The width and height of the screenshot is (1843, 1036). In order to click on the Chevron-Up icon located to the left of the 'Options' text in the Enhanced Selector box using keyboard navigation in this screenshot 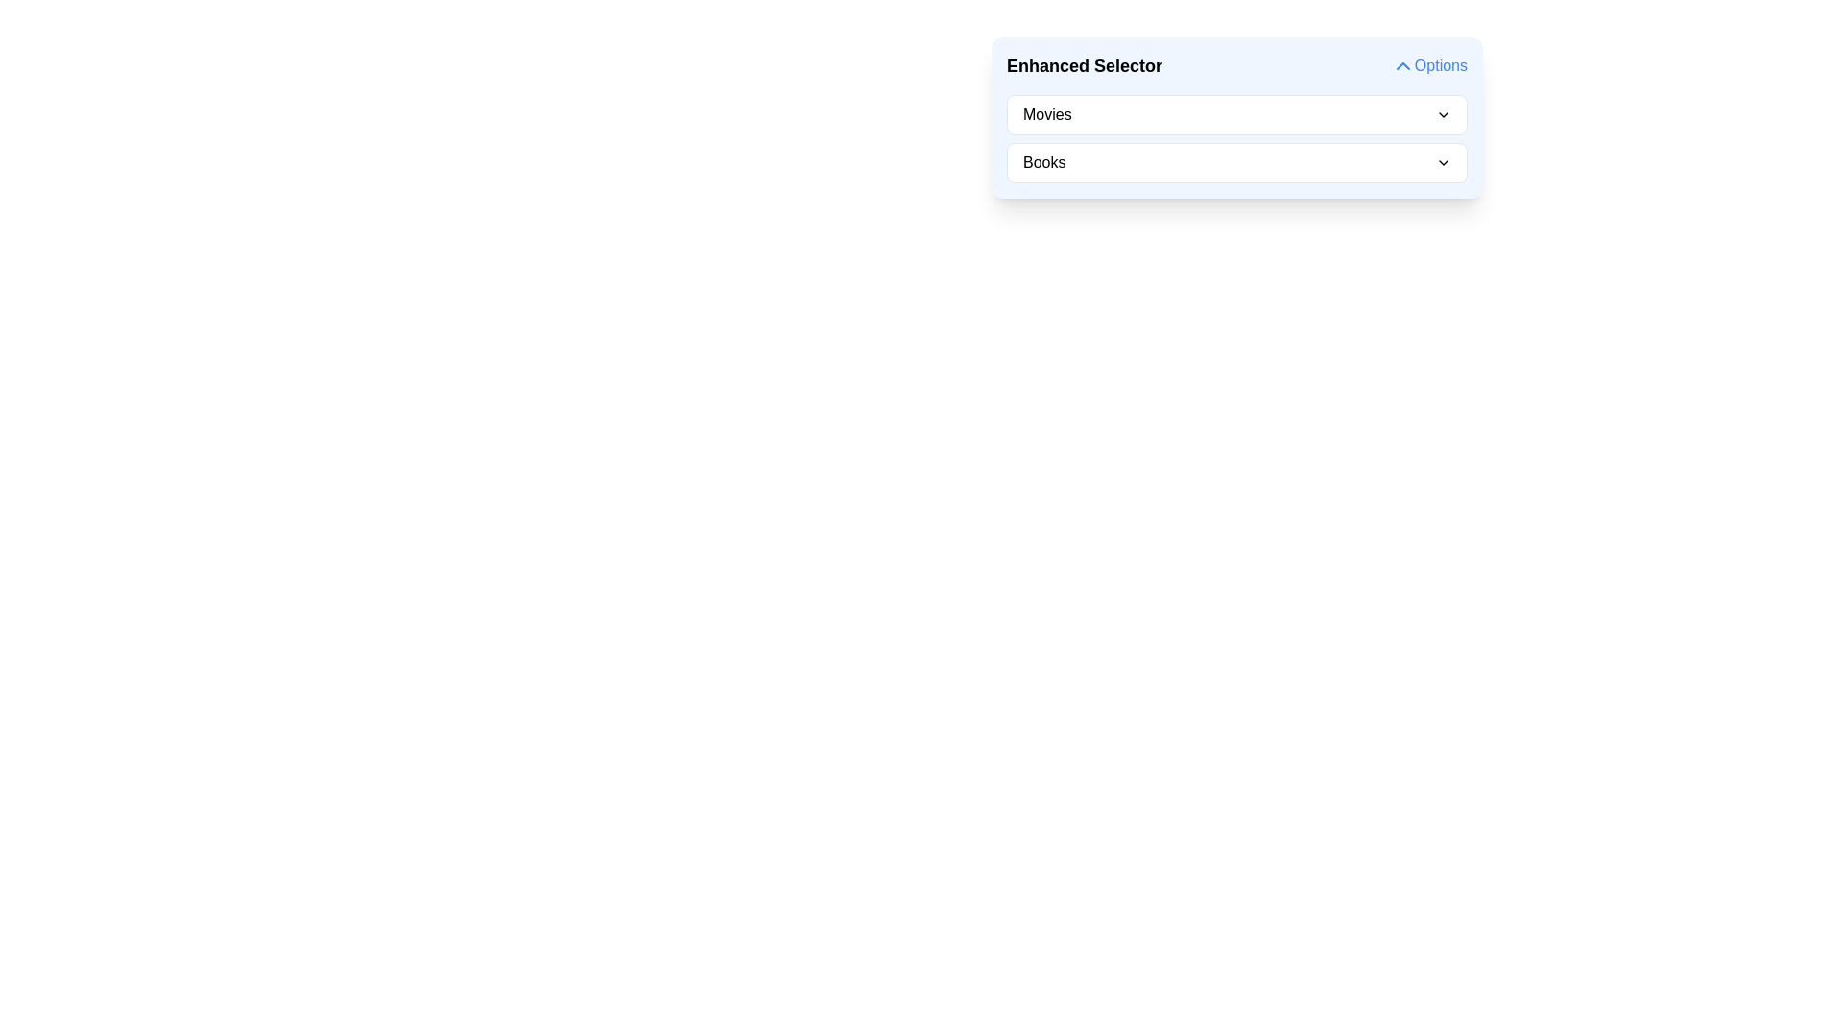, I will do `click(1402, 65)`.